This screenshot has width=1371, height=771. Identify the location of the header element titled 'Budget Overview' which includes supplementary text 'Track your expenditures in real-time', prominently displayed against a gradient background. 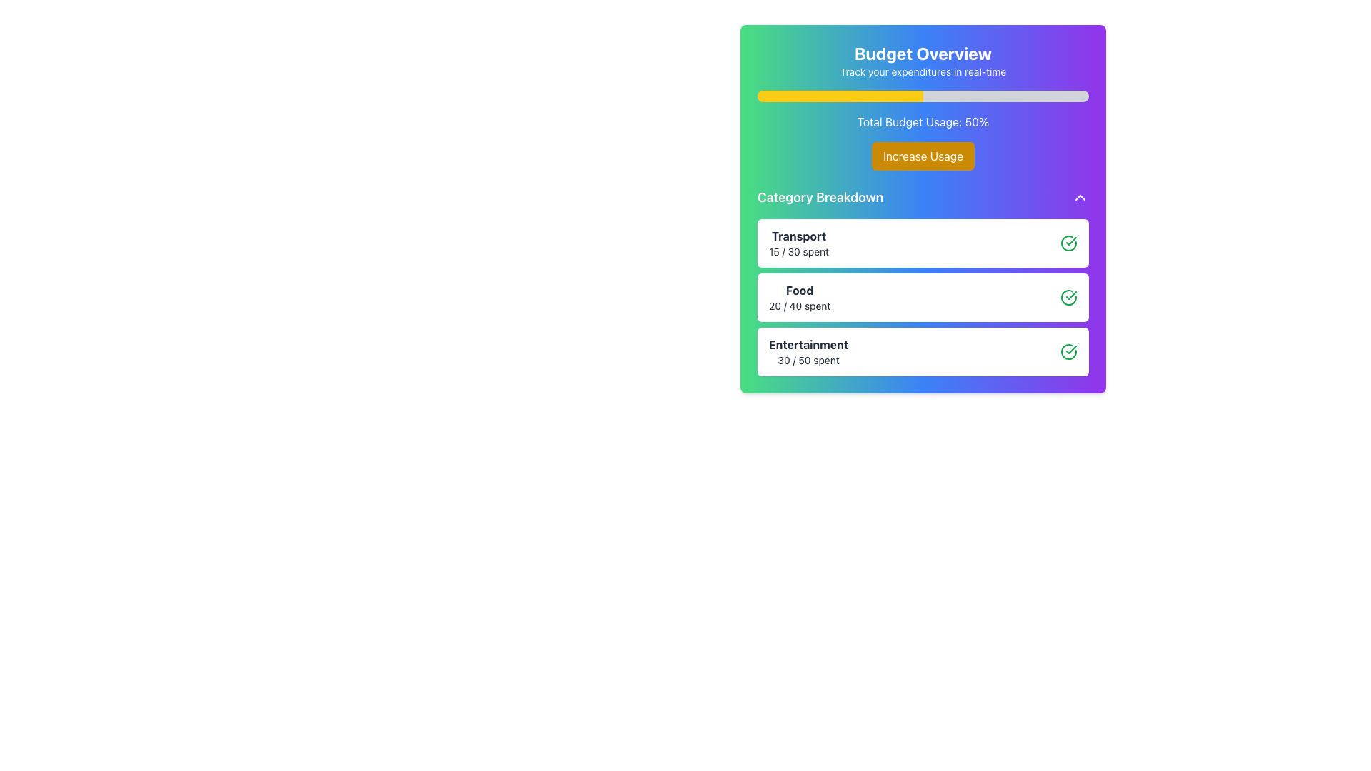
(923, 59).